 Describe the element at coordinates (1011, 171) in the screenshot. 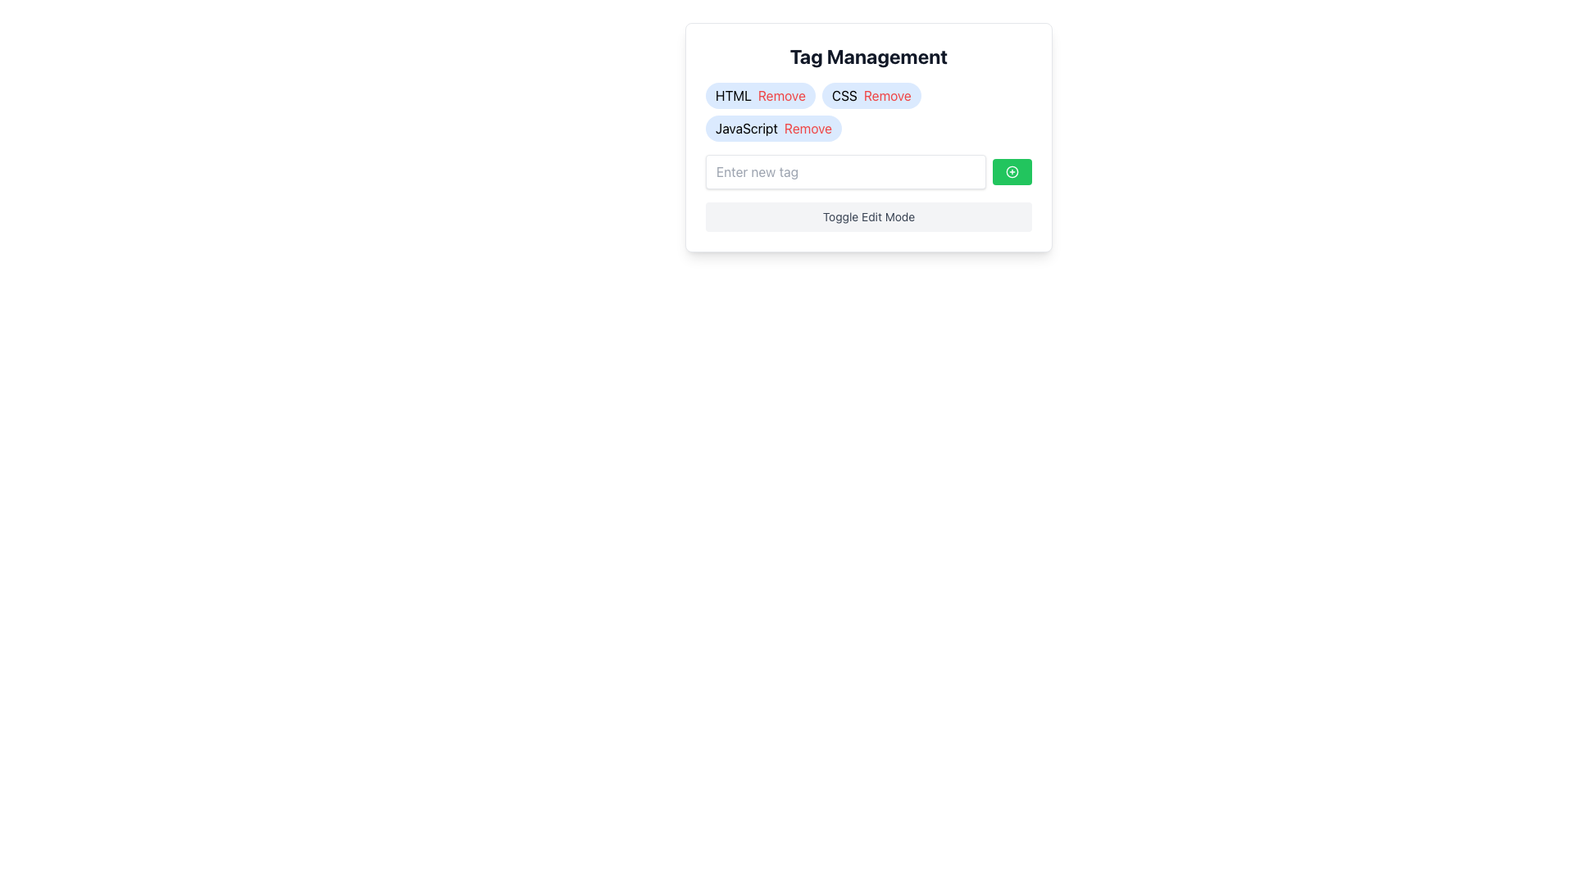

I see `the 'Add Tag' button located to the right of the 'Enter new tag' text input field in the 'Tag Management' interface` at that location.